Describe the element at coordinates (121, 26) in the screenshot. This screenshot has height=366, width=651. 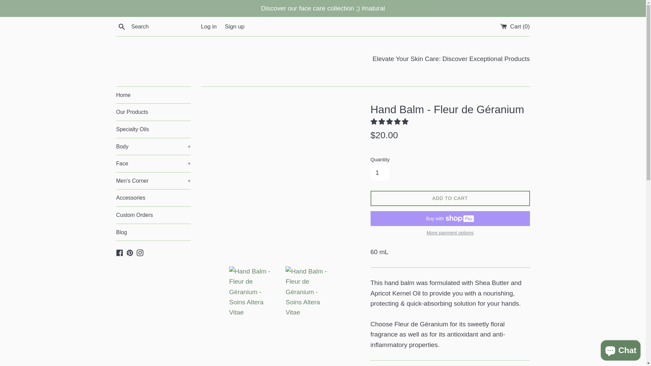
I see `'Search'` at that location.